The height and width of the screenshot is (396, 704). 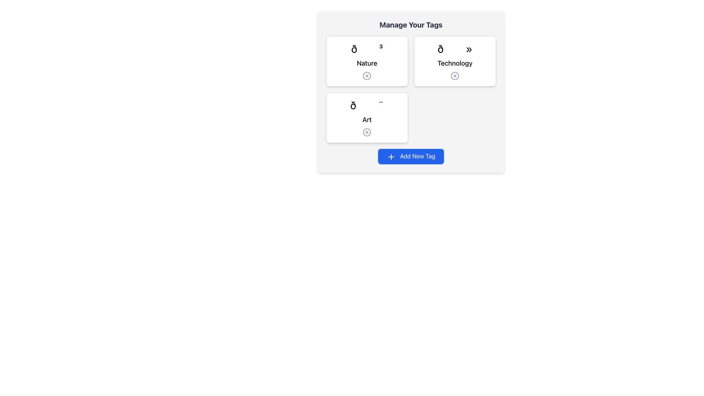 I want to click on the circular gray icon button with a cross inside, located at the bottom-center of the 'Technology' card, so click(x=455, y=76).